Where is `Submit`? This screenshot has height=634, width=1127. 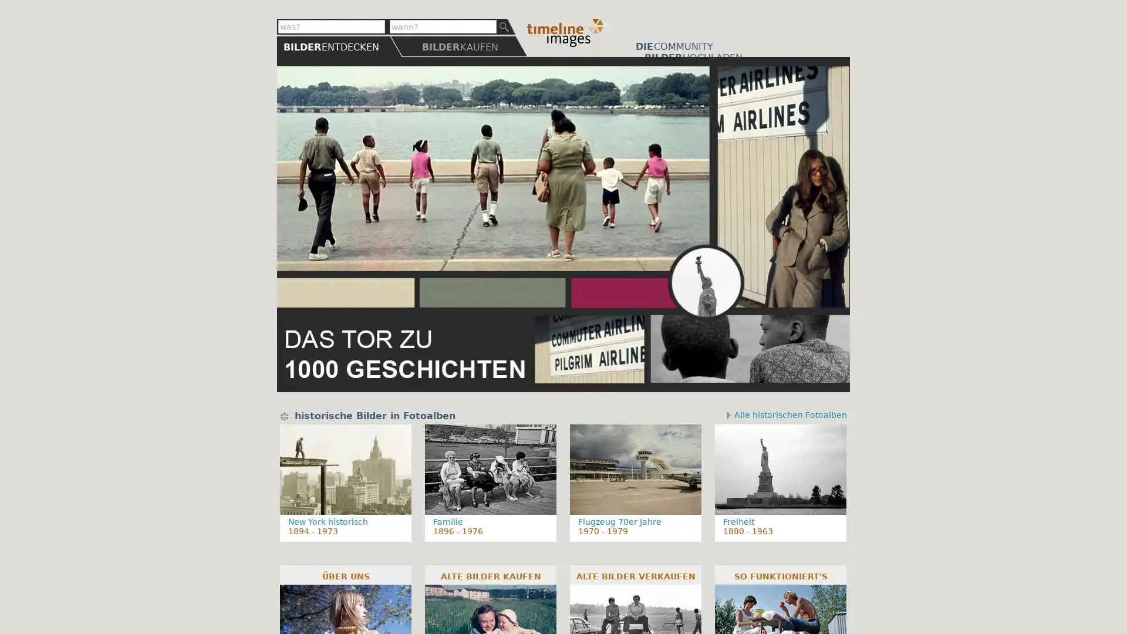 Submit is located at coordinates (507, 26).